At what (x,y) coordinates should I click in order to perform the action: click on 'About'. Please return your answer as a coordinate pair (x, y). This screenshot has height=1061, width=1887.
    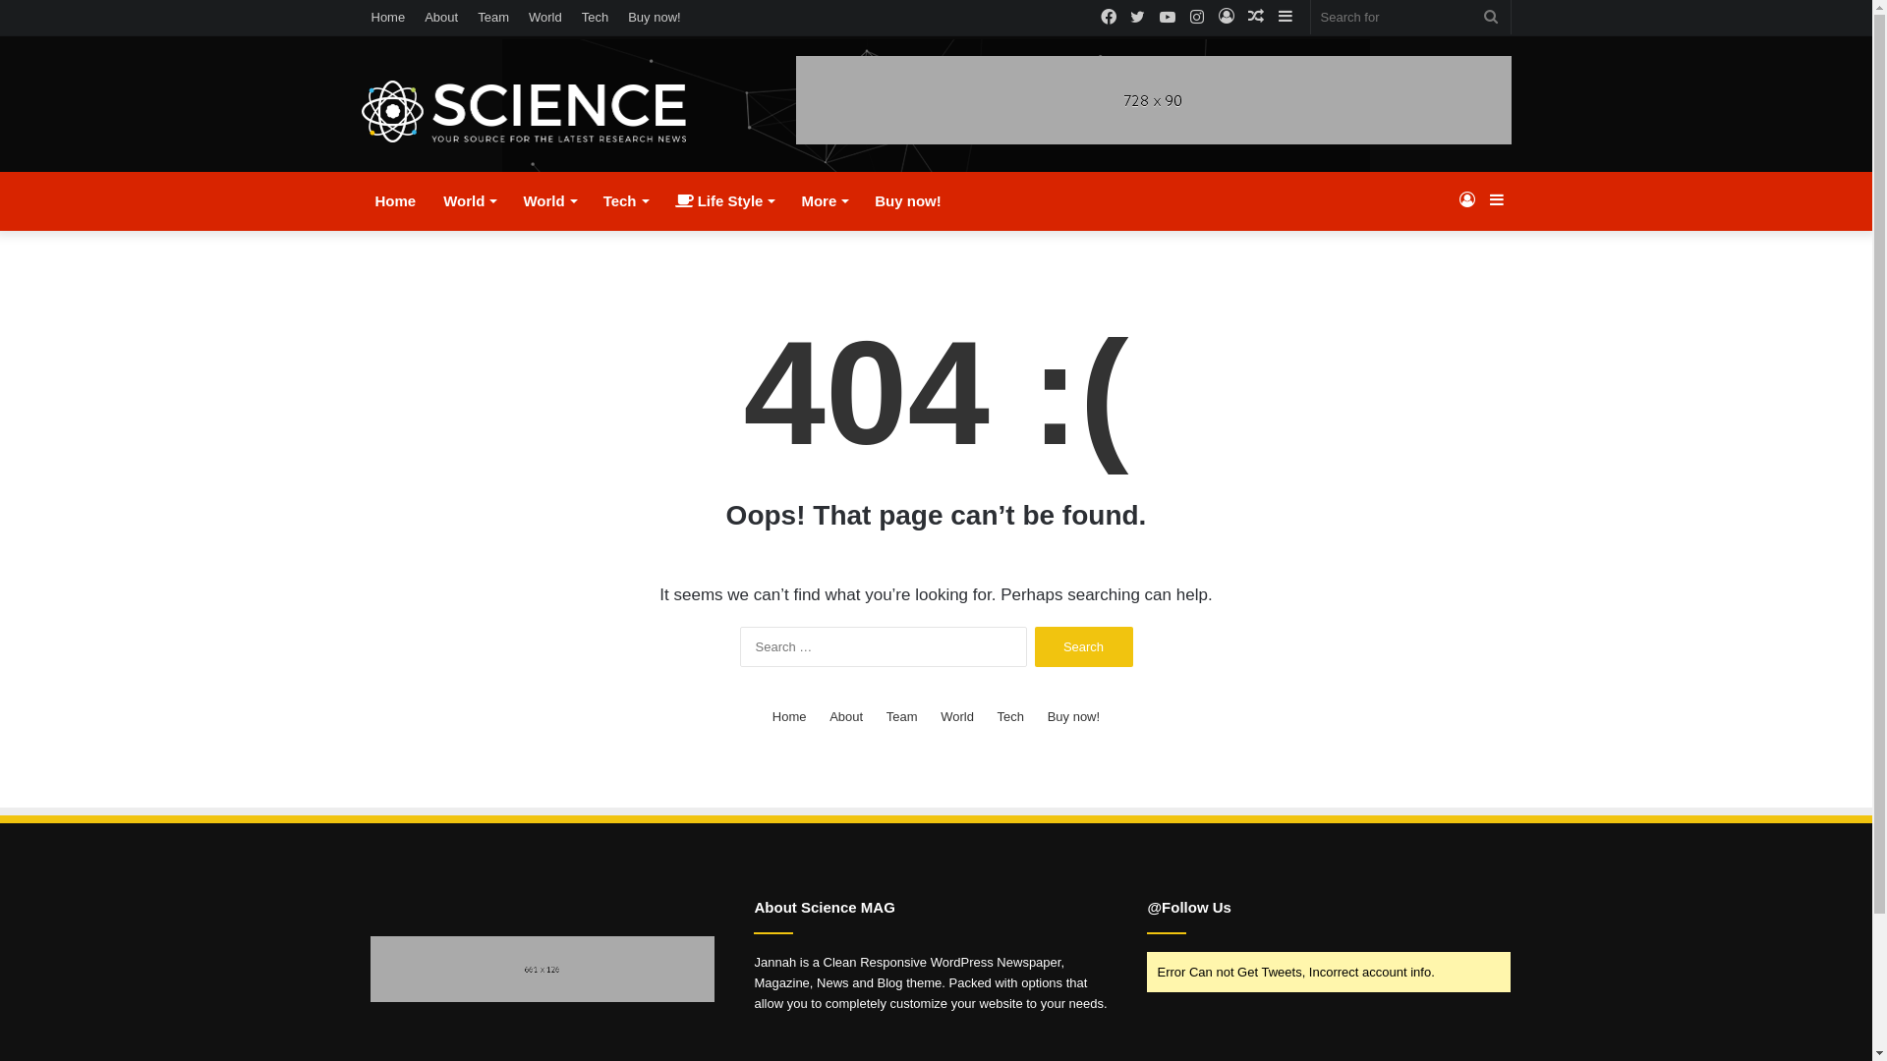
    Looking at the image, I should click on (440, 17).